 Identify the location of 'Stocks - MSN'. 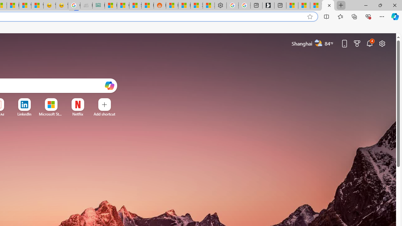
(135, 5).